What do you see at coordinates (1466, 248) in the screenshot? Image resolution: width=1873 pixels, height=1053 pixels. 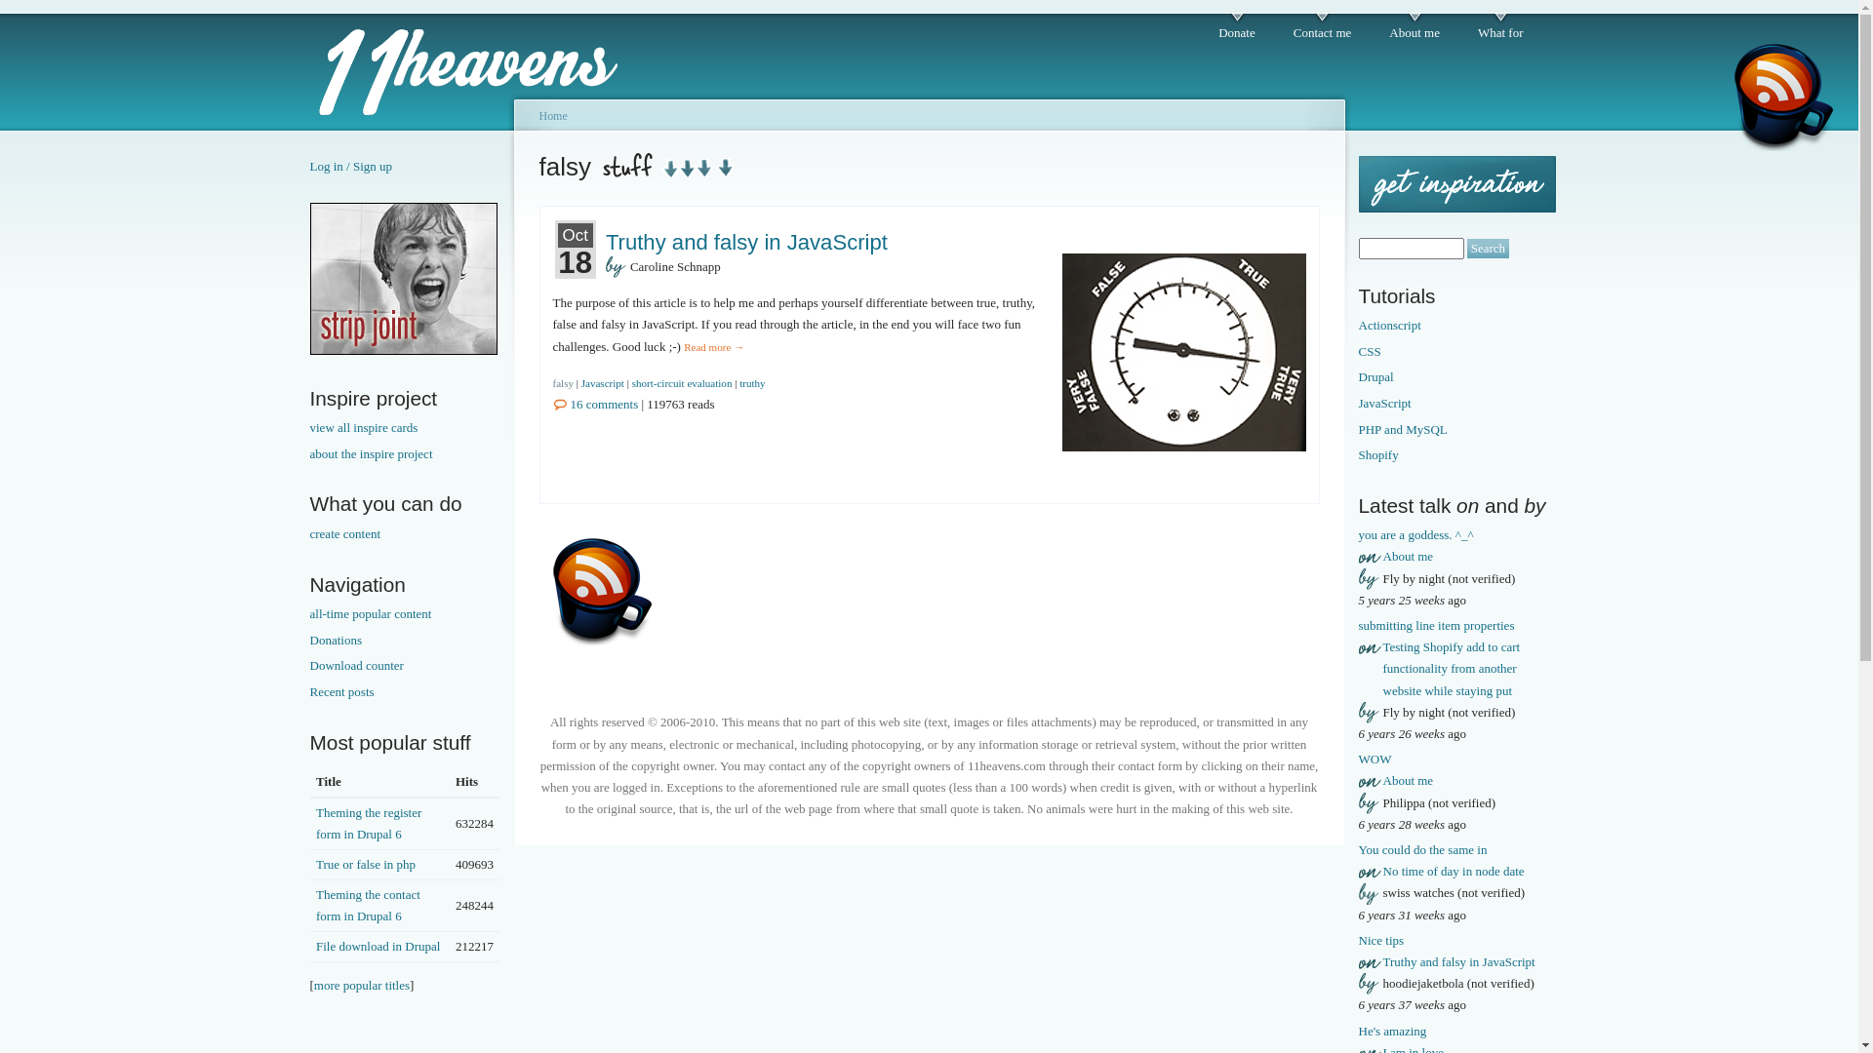 I see `'Search'` at bounding box center [1466, 248].